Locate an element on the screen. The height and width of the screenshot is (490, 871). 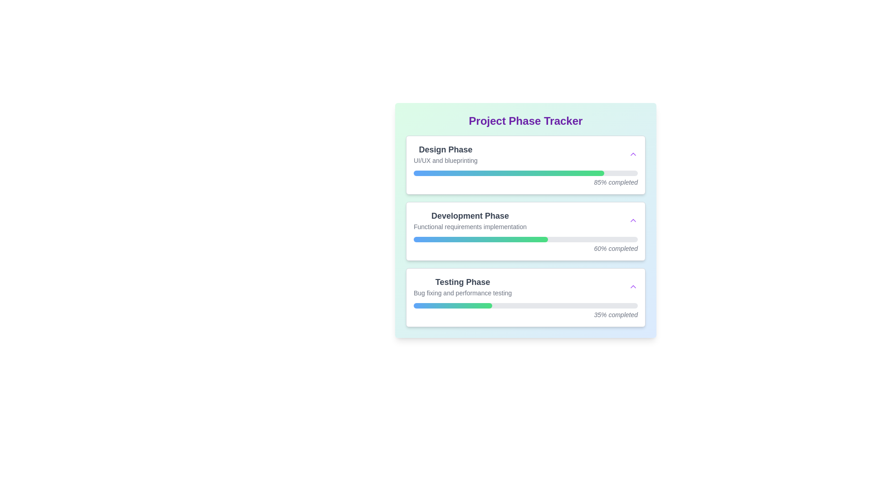
the informational label element displaying the title 'Testing Phase' and description 'Bug fixing and performance testing', which is located below 'Development Phase' and above a progress bar is located at coordinates (463, 287).